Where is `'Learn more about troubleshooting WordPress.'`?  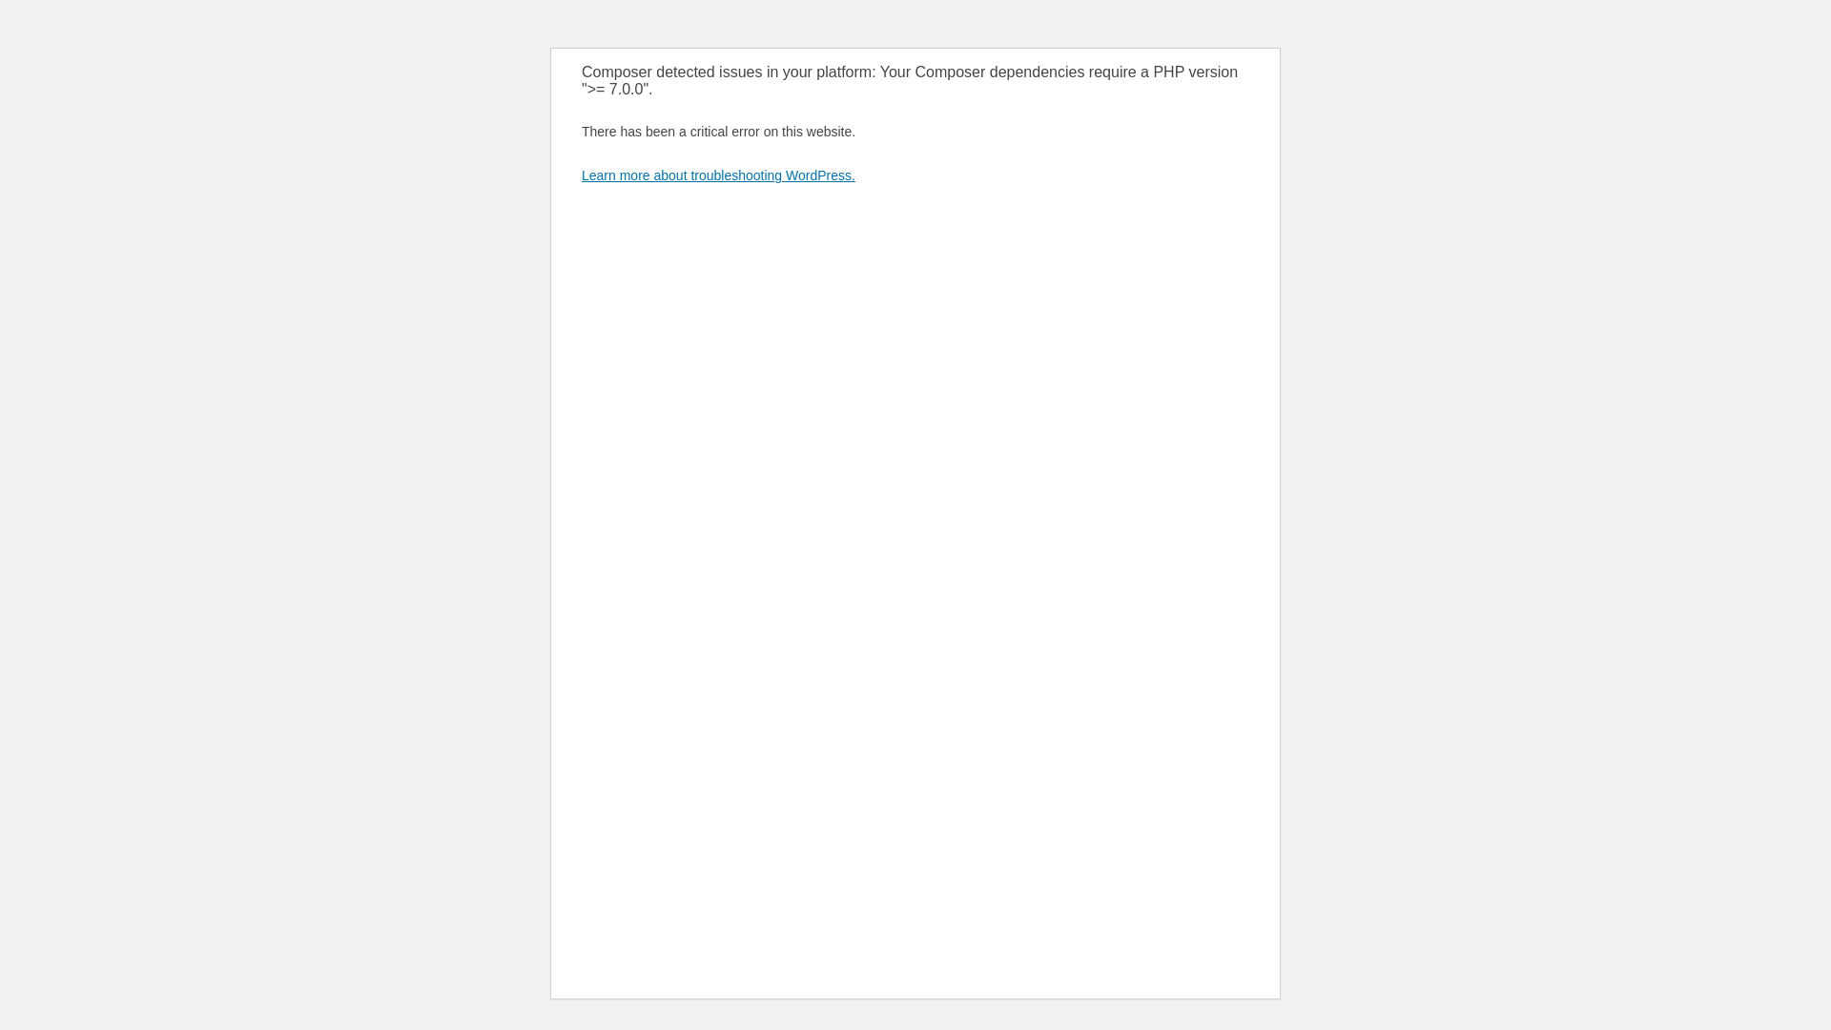
'Learn more about troubleshooting WordPress.' is located at coordinates (717, 175).